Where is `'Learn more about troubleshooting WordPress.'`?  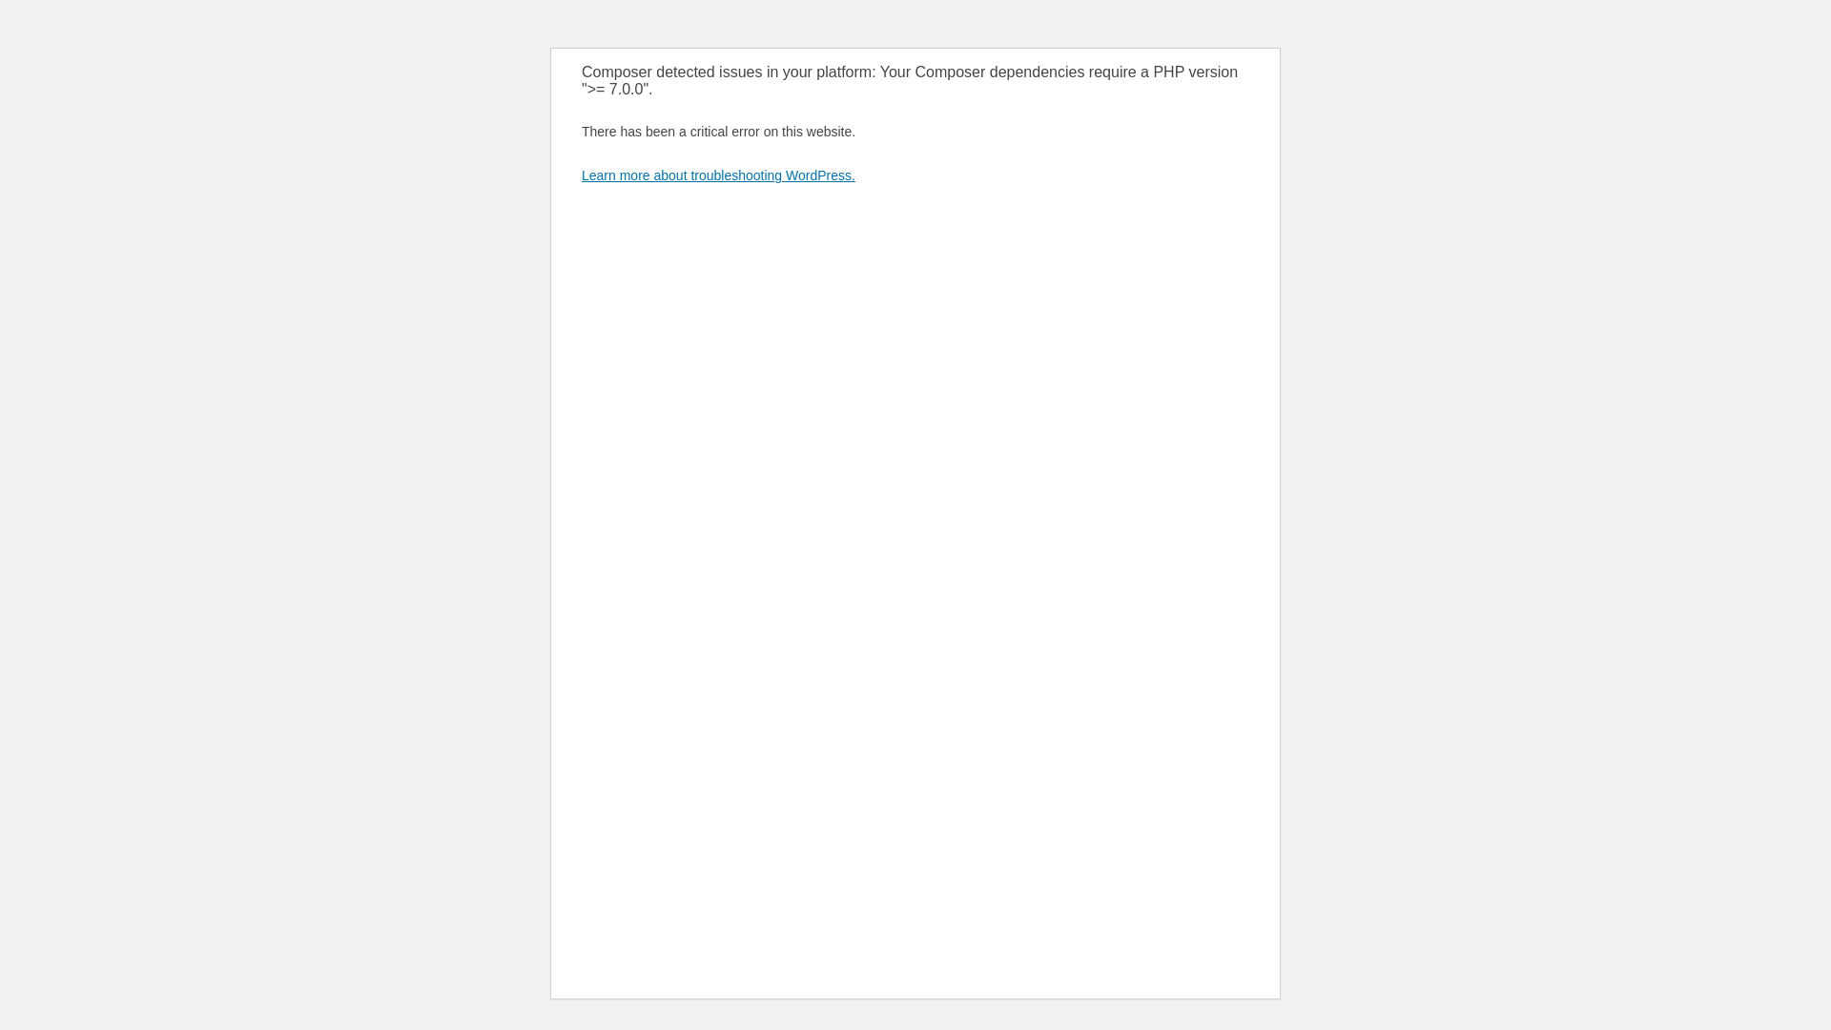
'Learn more about troubleshooting WordPress.' is located at coordinates (717, 175).